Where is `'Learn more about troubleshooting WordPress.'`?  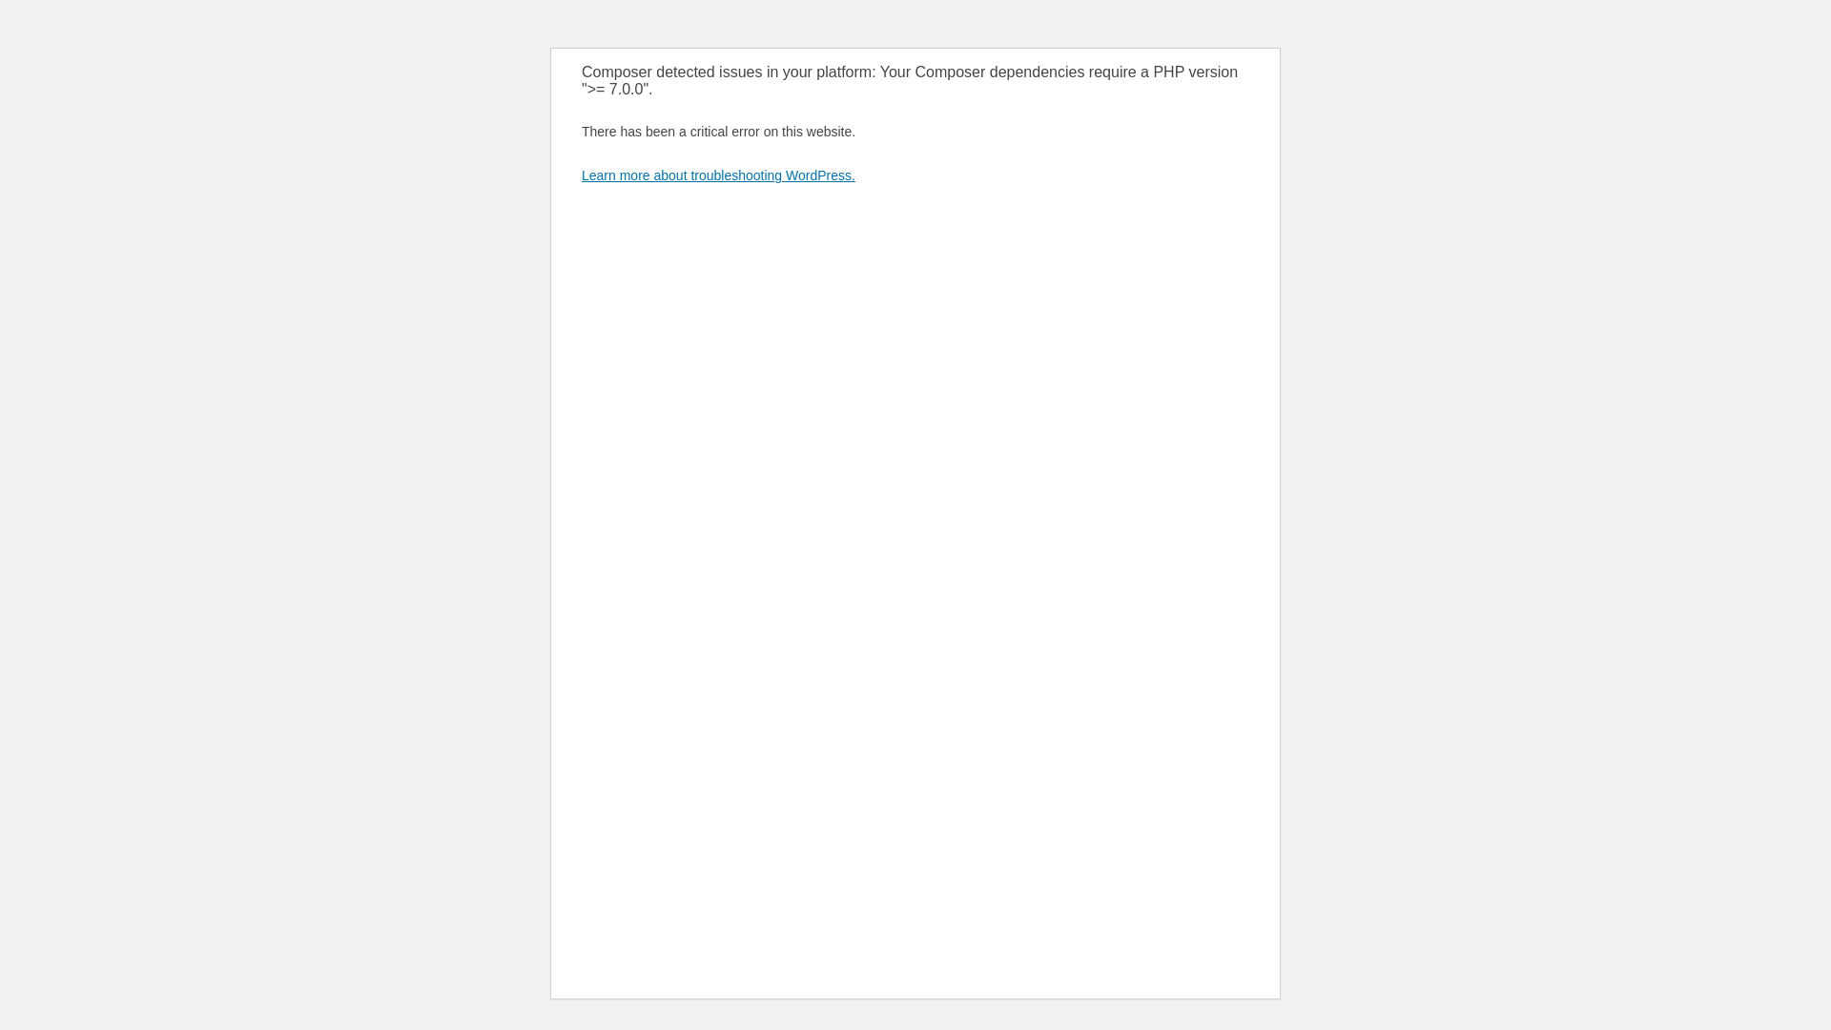
'Learn more about troubleshooting WordPress.' is located at coordinates (717, 175).